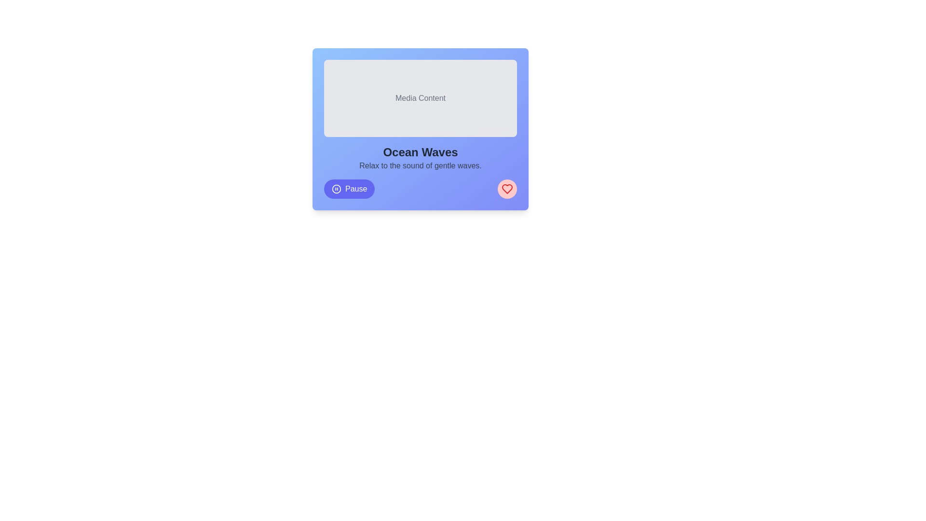 This screenshot has width=926, height=521. Describe the element at coordinates (421, 152) in the screenshot. I see `the Text label that serves as the title or main heading of the content section, located above the text 'Relax to the sound of gentle waves.'` at that location.